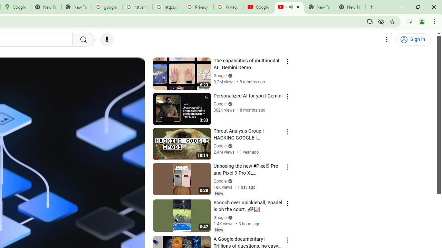  What do you see at coordinates (287, 239) in the screenshot?
I see `'Action menu'` at bounding box center [287, 239].